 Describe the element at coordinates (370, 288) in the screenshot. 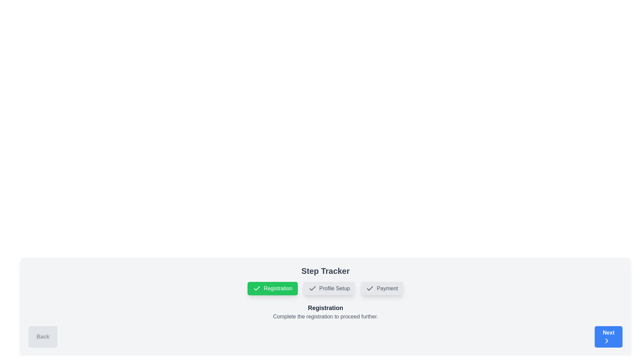

I see `the checkmark icon styled with a round border and gray fill, located to the left of the text 'Payment'` at that location.